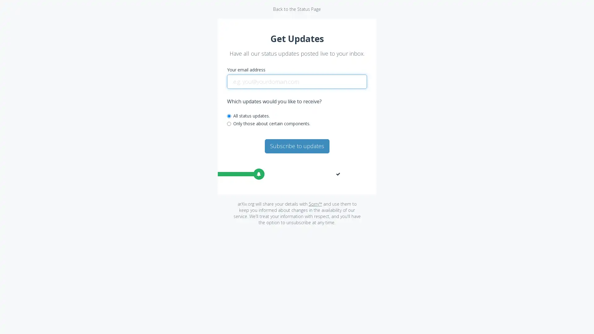 This screenshot has width=594, height=334. What do you see at coordinates (296, 146) in the screenshot?
I see `Subscribe to updates` at bounding box center [296, 146].